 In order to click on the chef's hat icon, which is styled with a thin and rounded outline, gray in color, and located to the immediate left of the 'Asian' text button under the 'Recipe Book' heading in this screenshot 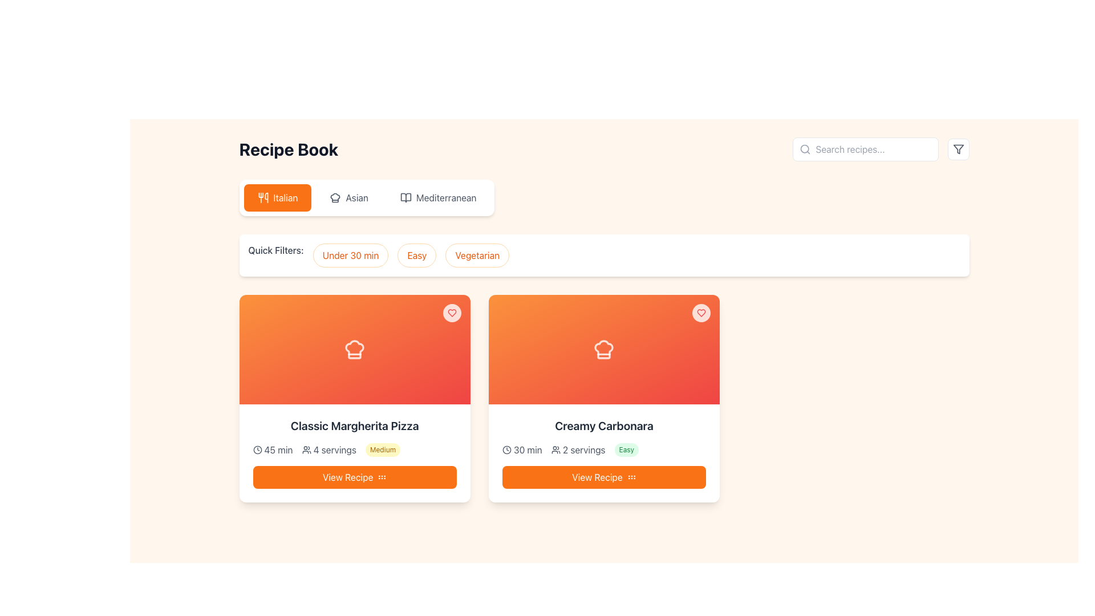, I will do `click(335, 197)`.